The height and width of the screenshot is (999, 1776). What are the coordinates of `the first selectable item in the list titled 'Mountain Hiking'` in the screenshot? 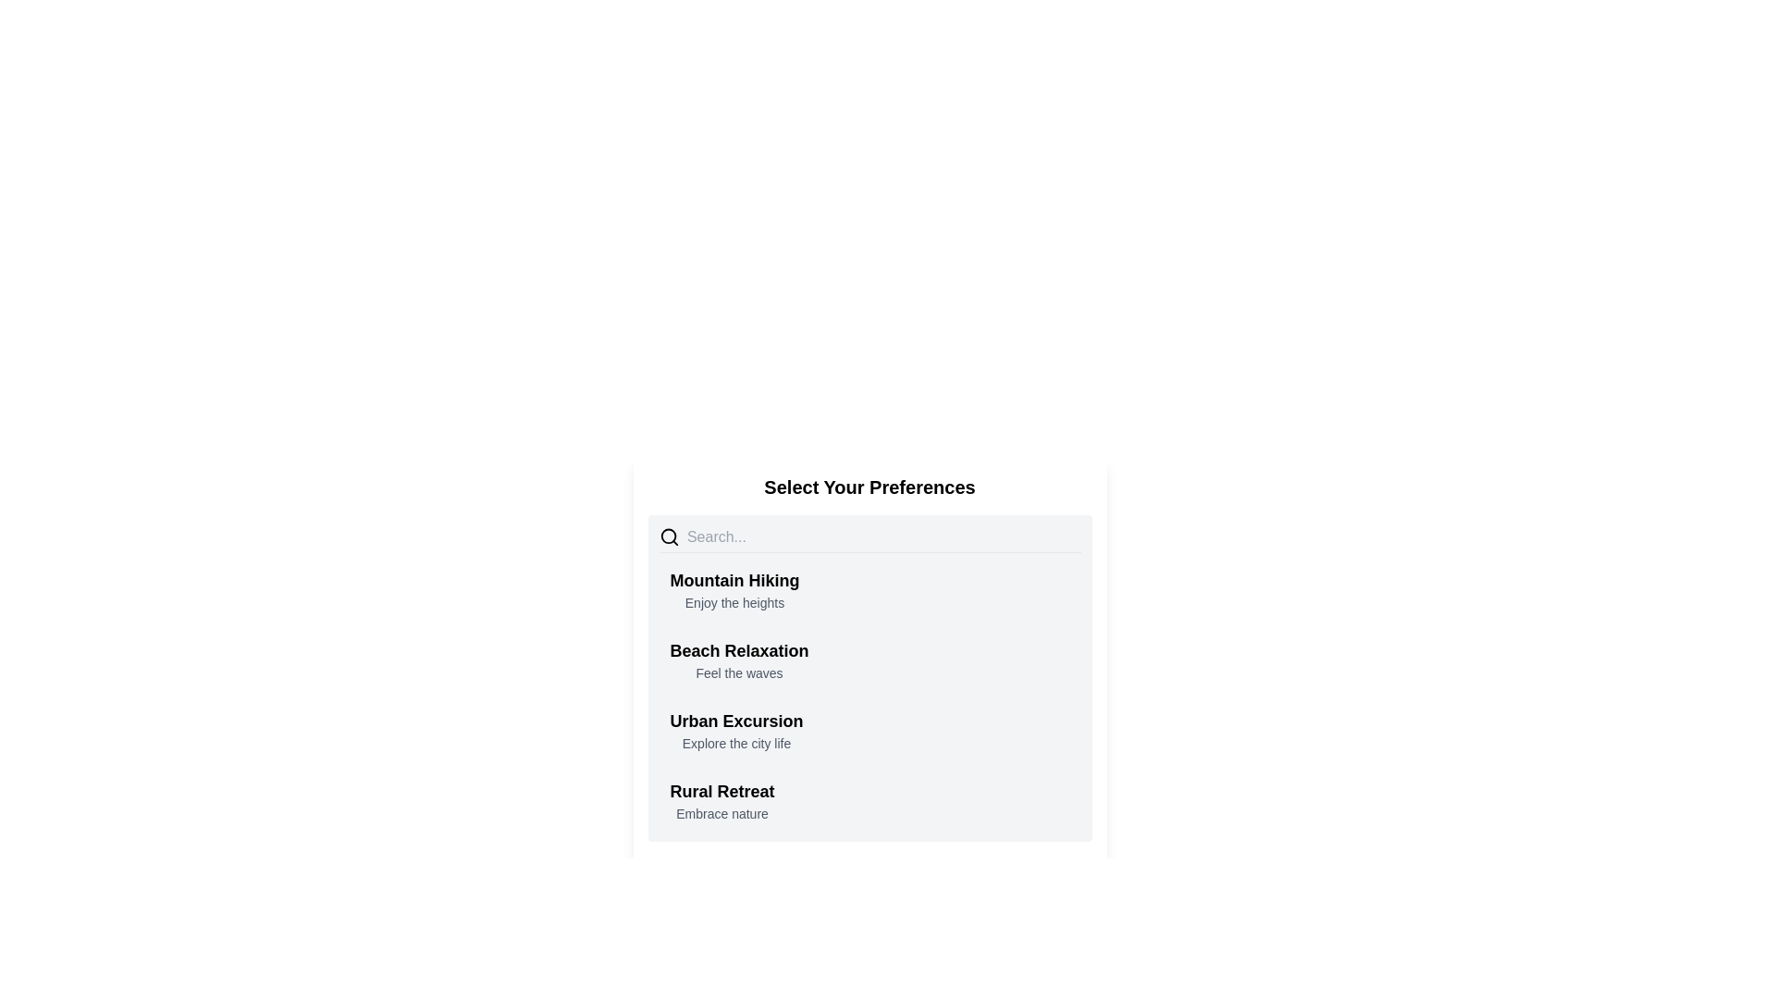 It's located at (869, 589).